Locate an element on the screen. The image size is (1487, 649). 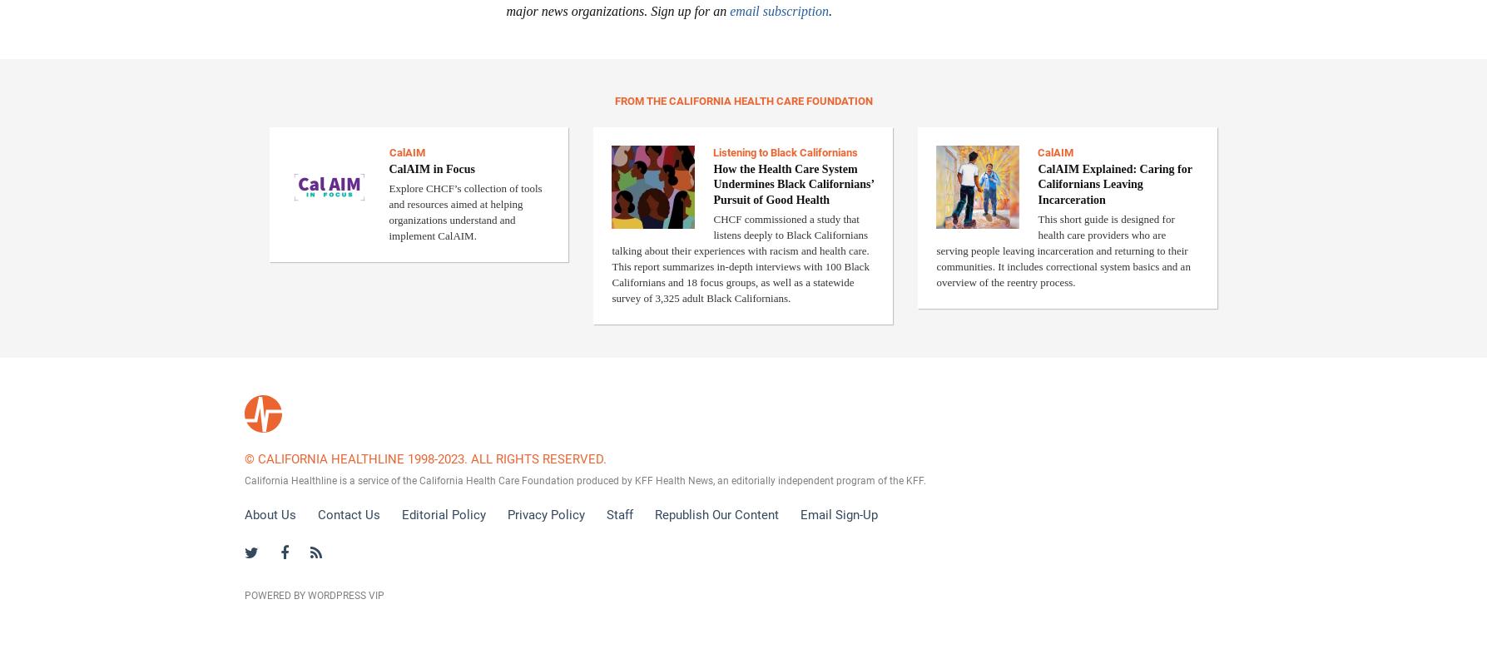
'WordPress VIP' is located at coordinates (344, 594).